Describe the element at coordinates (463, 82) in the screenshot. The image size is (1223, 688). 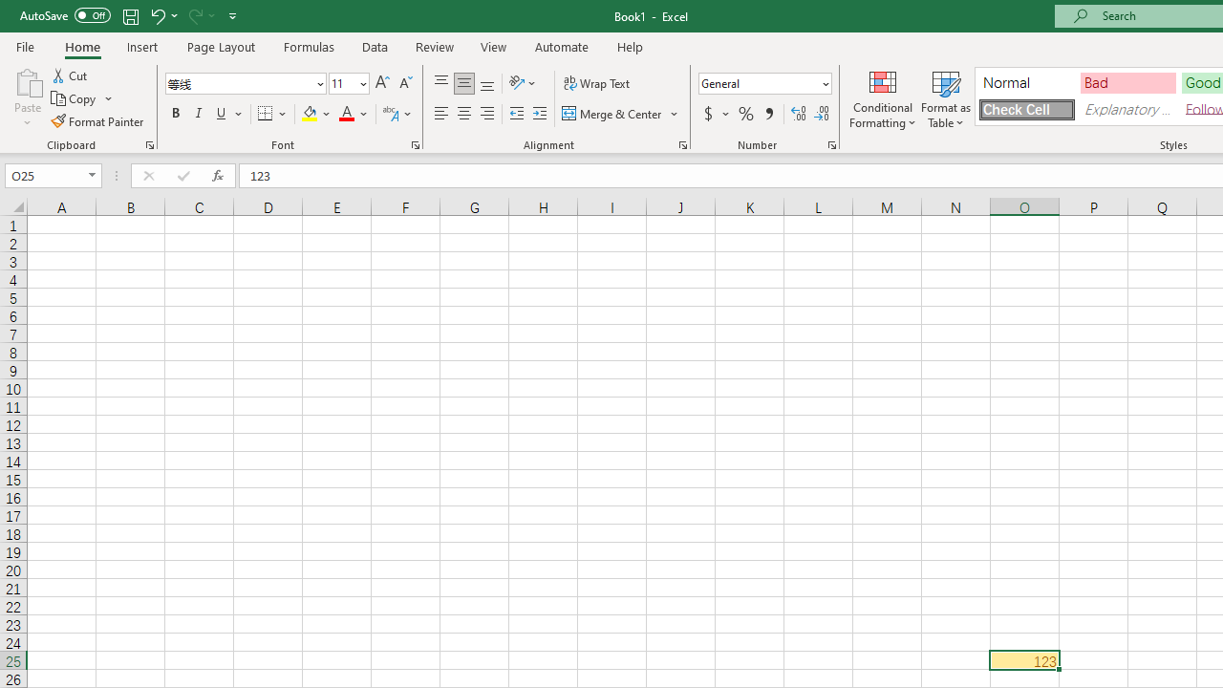
I see `'Middle Align'` at that location.